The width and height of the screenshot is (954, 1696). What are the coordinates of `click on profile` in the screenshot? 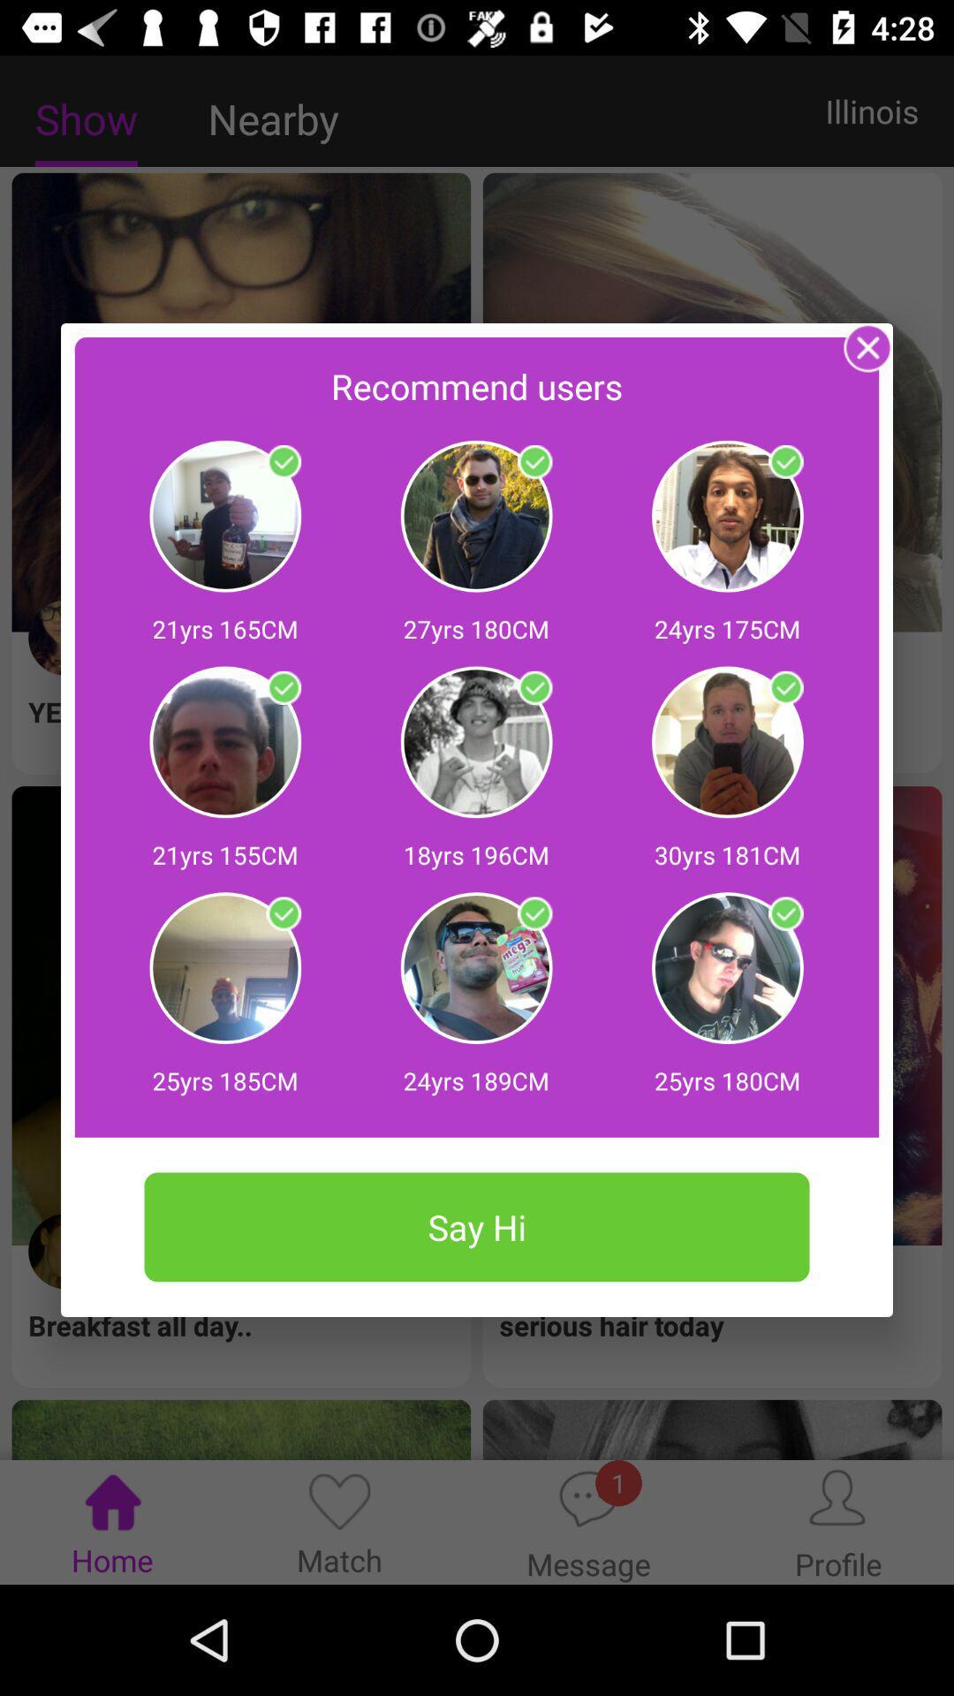 It's located at (283, 462).